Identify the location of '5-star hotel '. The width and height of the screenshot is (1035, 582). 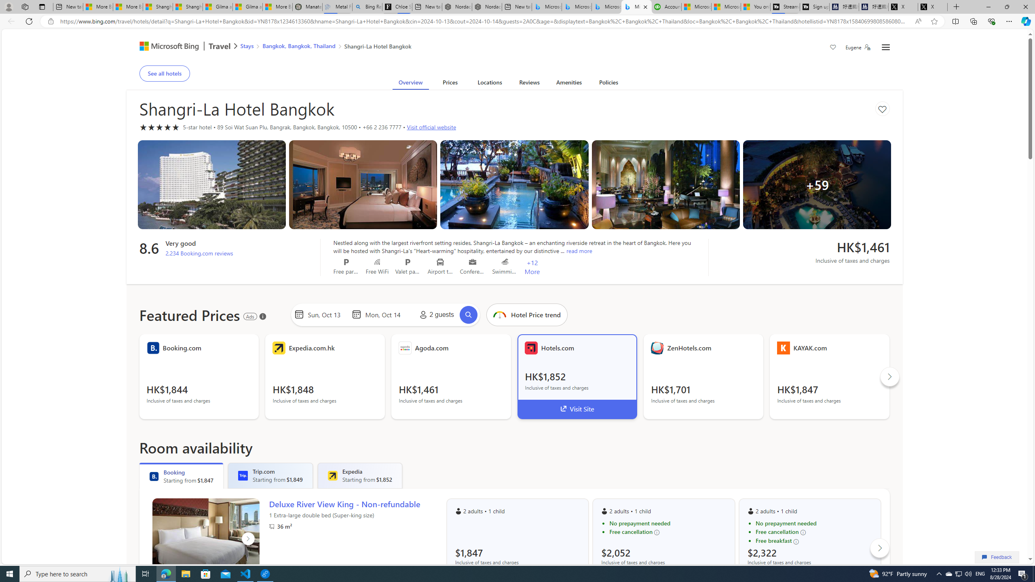
(159, 127).